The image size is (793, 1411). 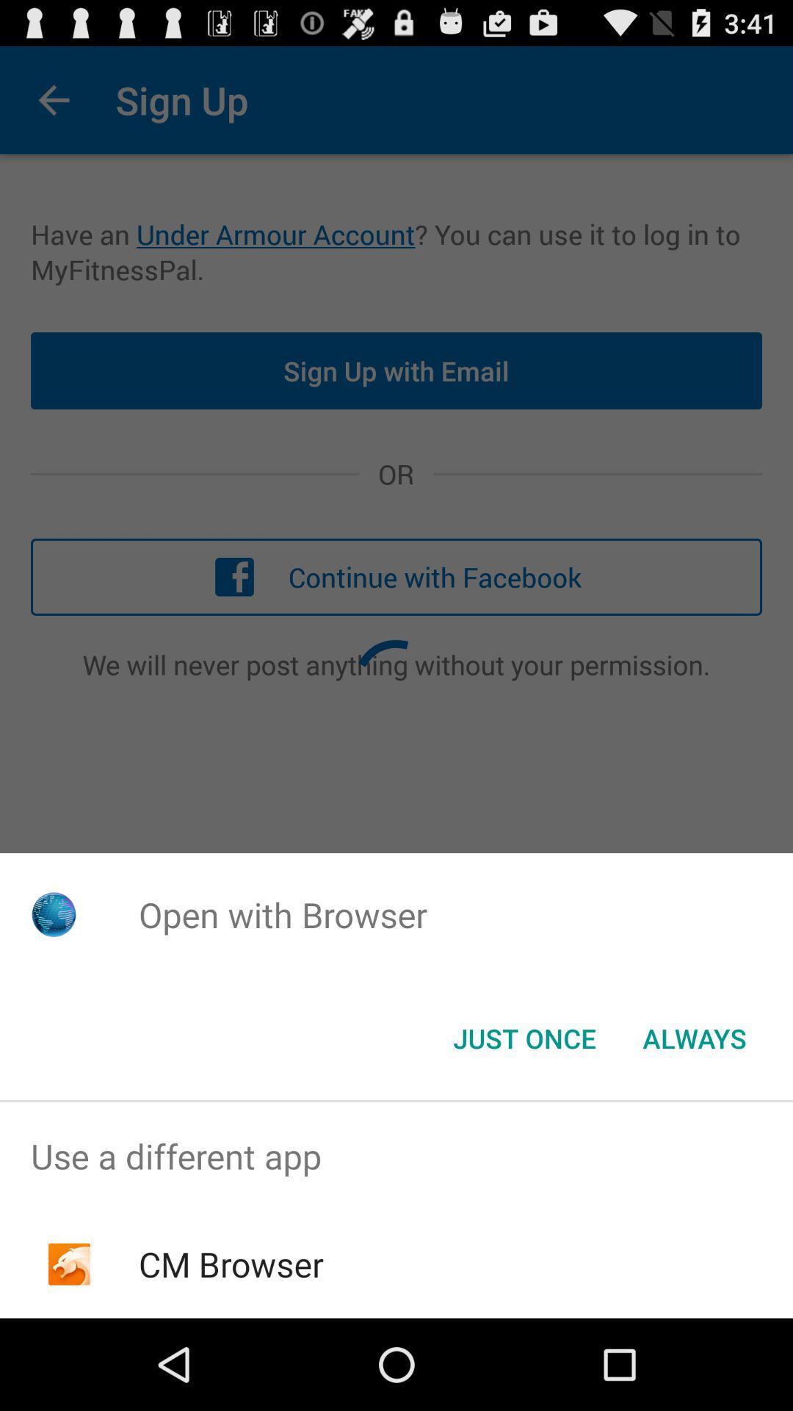 What do you see at coordinates (524, 1037) in the screenshot?
I see `icon next to the always item` at bounding box center [524, 1037].